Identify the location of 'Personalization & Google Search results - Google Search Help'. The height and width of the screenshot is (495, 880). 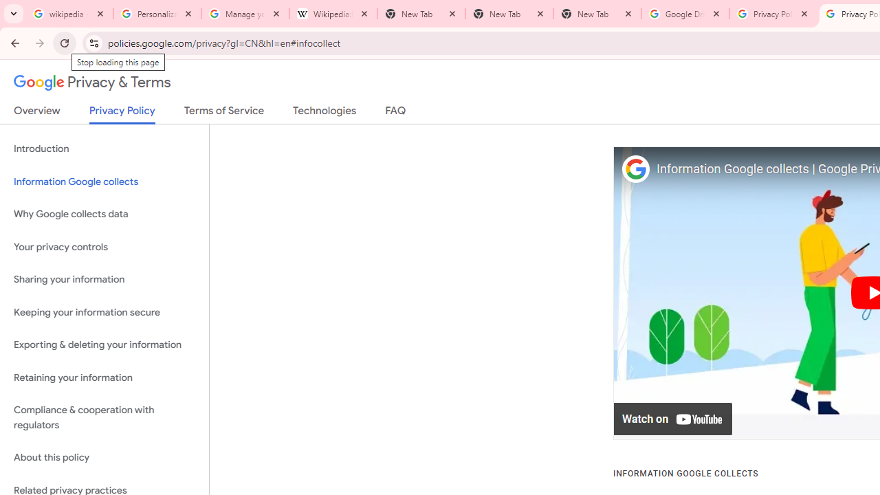
(157, 14).